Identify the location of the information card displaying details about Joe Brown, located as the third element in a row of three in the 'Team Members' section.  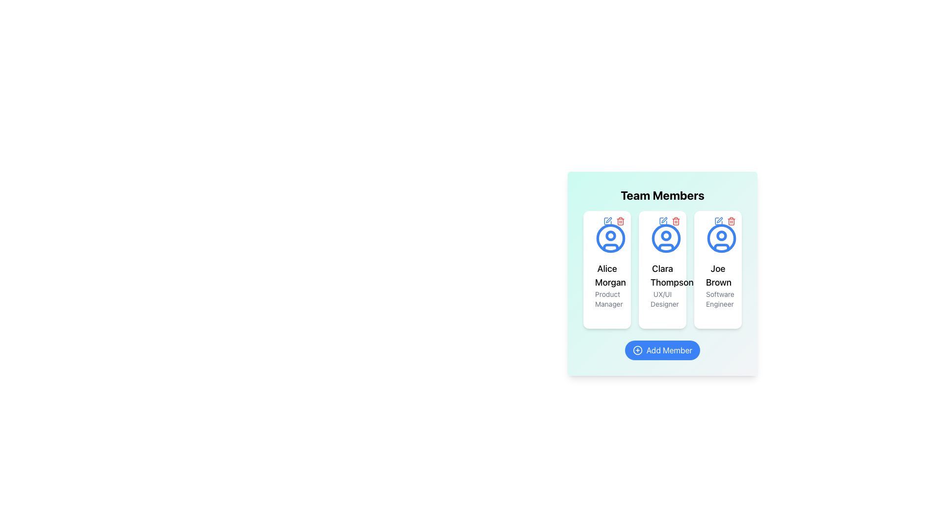
(718, 270).